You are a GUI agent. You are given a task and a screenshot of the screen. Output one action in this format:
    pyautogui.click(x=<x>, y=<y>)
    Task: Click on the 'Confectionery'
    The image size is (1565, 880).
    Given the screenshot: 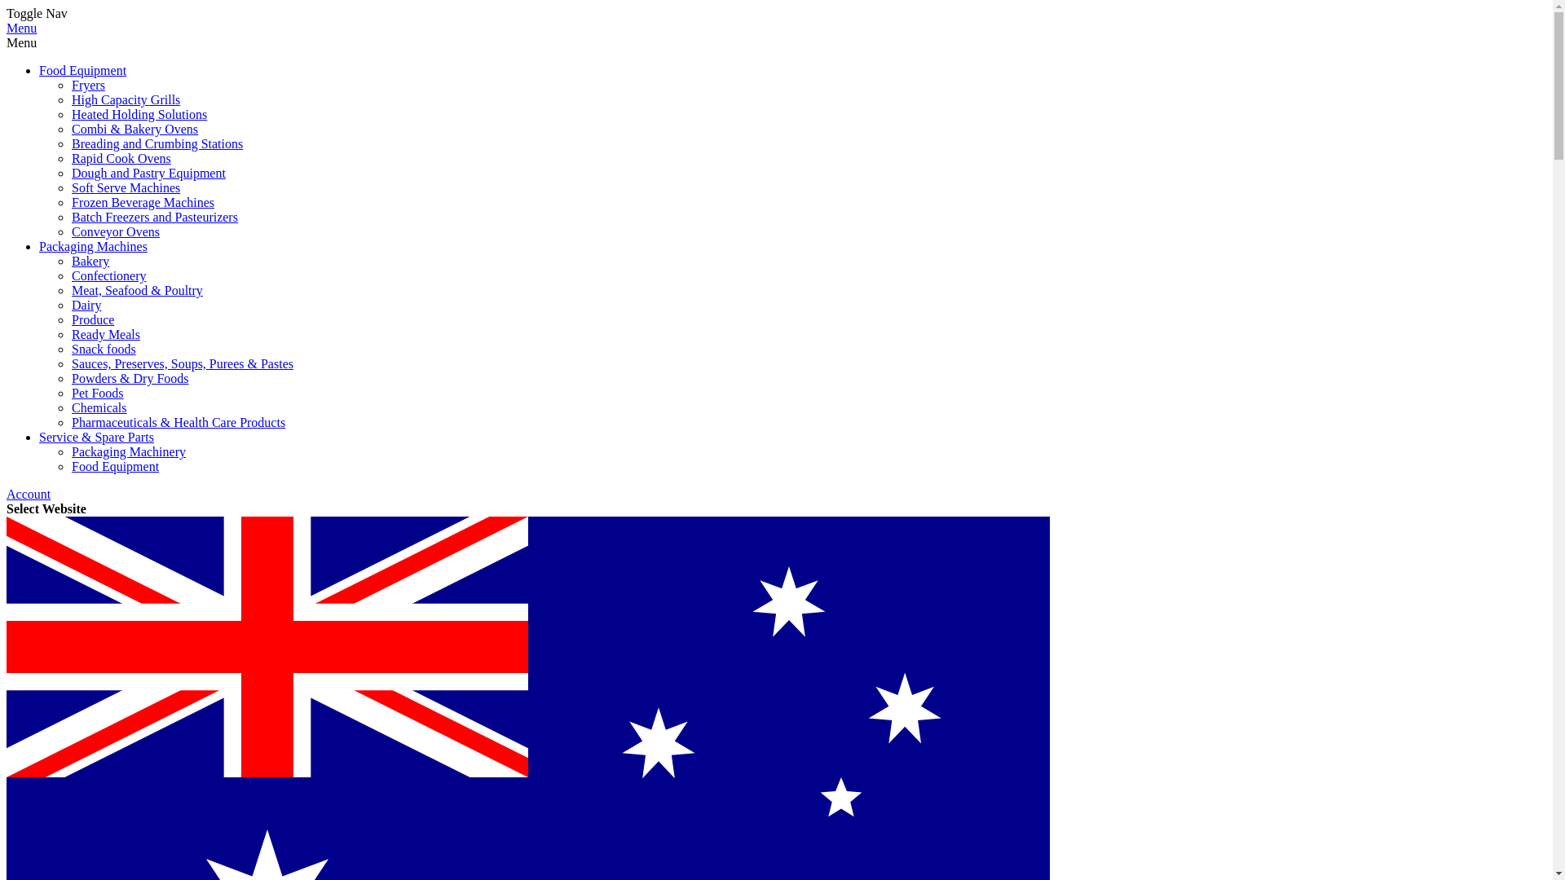 What is the action you would take?
    pyautogui.click(x=108, y=275)
    